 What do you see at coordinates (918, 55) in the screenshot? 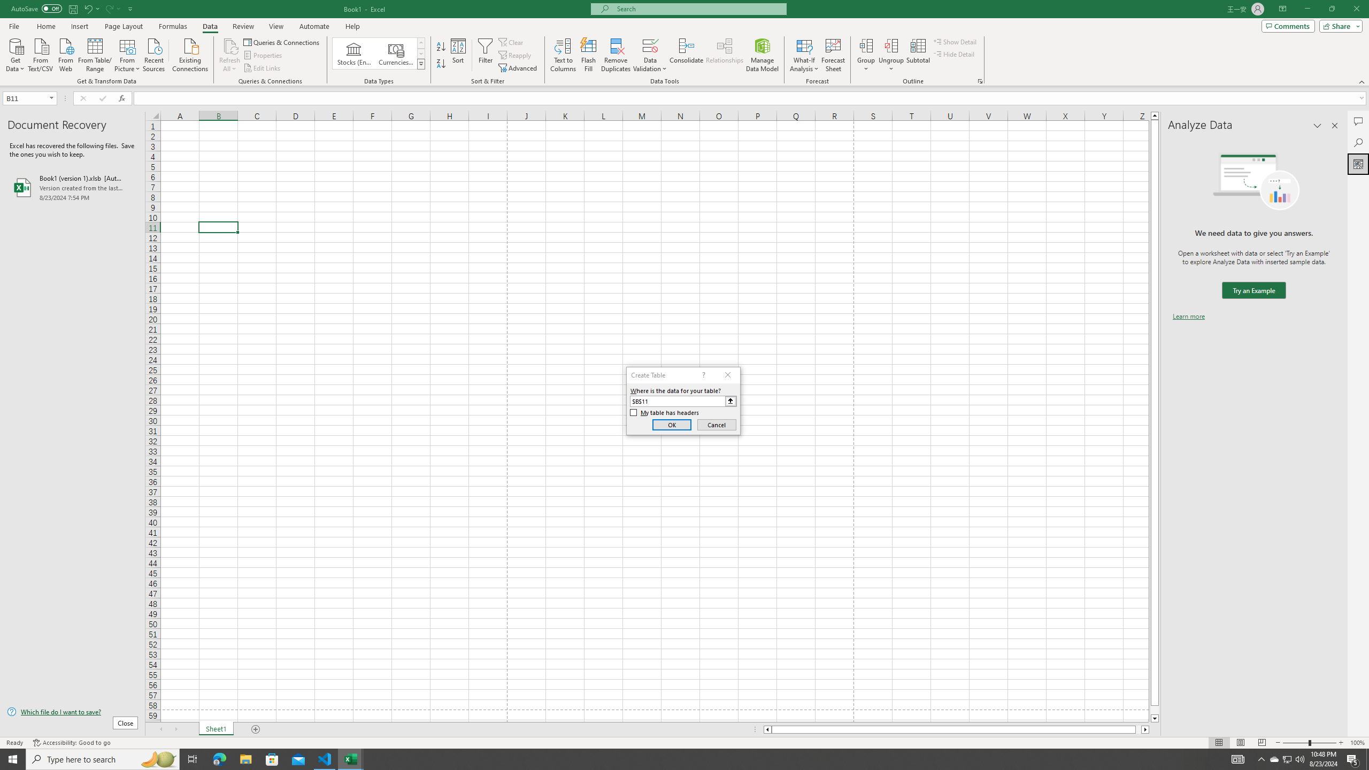
I see `'Subtotal'` at bounding box center [918, 55].